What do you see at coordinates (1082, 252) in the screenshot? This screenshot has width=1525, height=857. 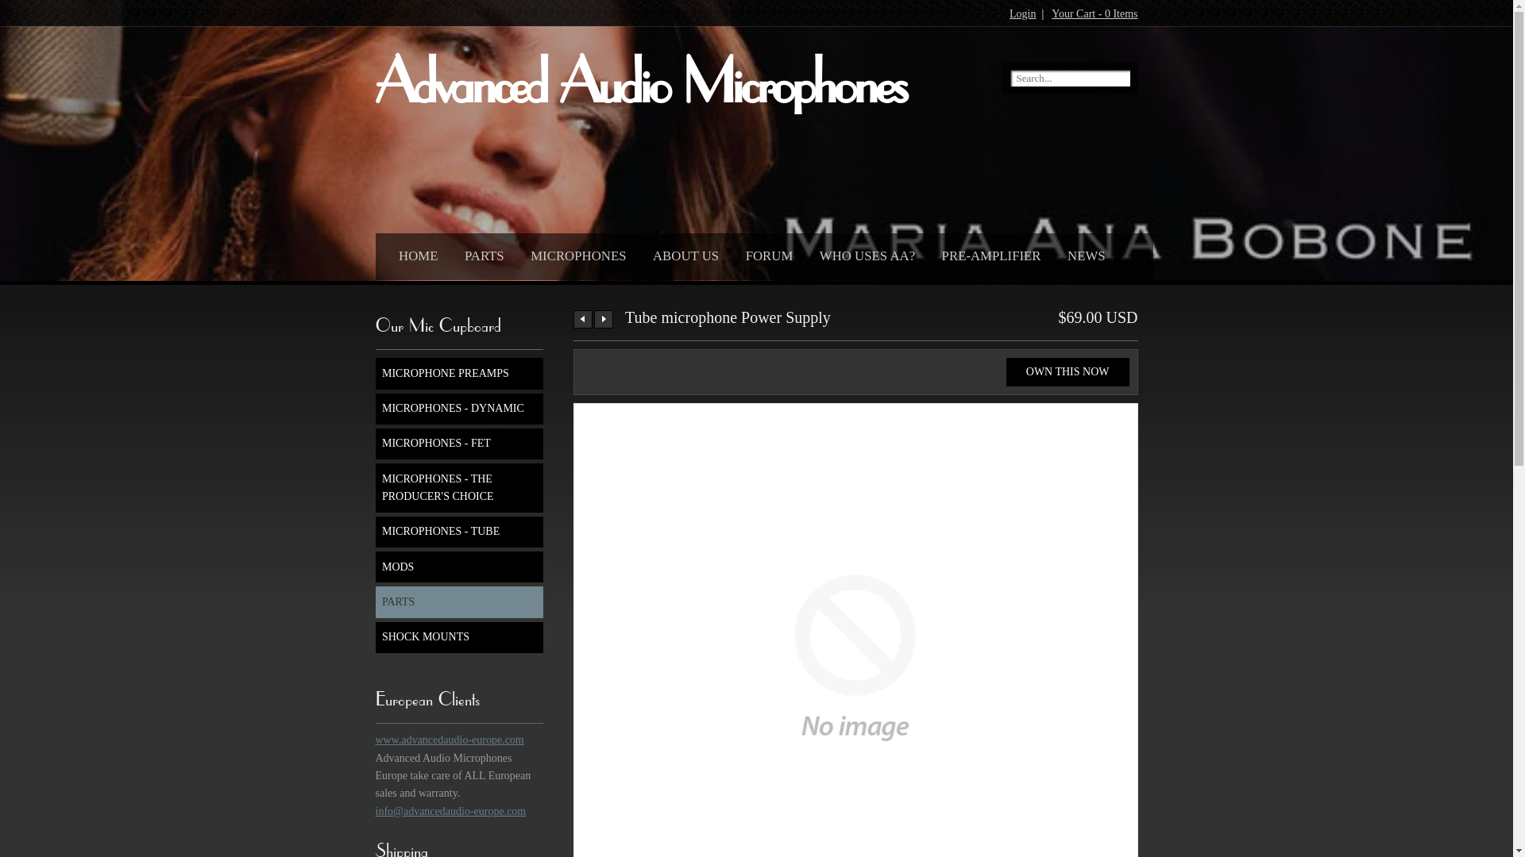 I see `'NEWS'` at bounding box center [1082, 252].